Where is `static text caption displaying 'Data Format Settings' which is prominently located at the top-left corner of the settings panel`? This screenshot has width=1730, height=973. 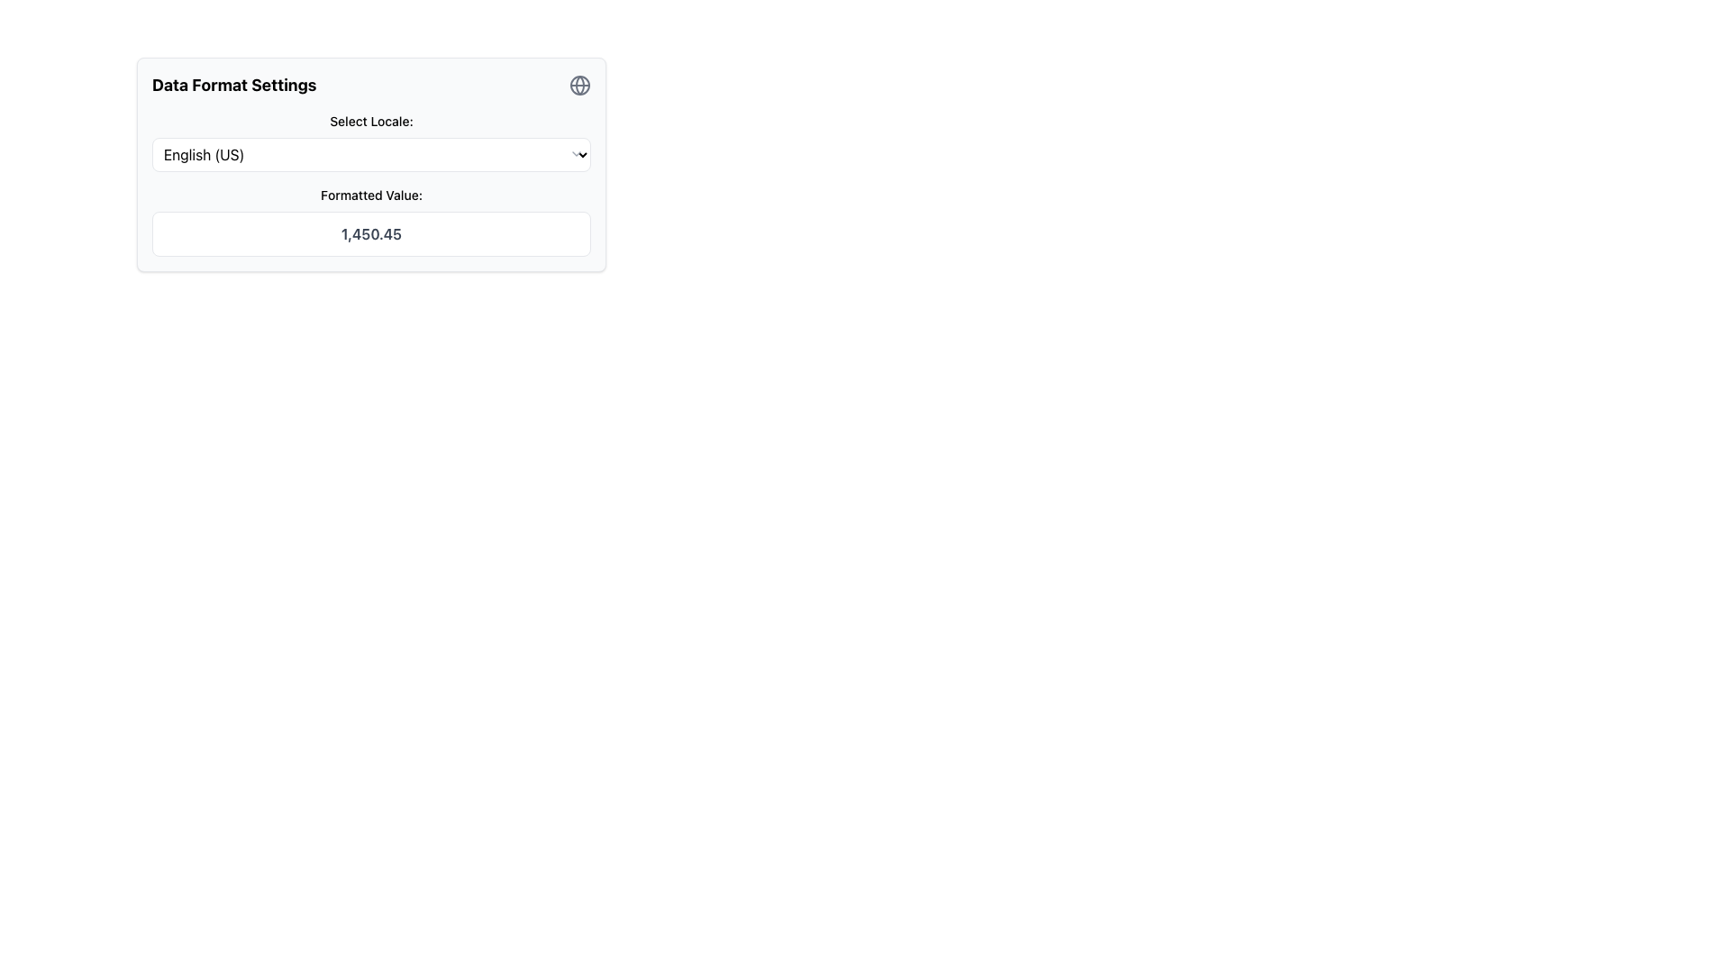 static text caption displaying 'Data Format Settings' which is prominently located at the top-left corner of the settings panel is located at coordinates (233, 86).